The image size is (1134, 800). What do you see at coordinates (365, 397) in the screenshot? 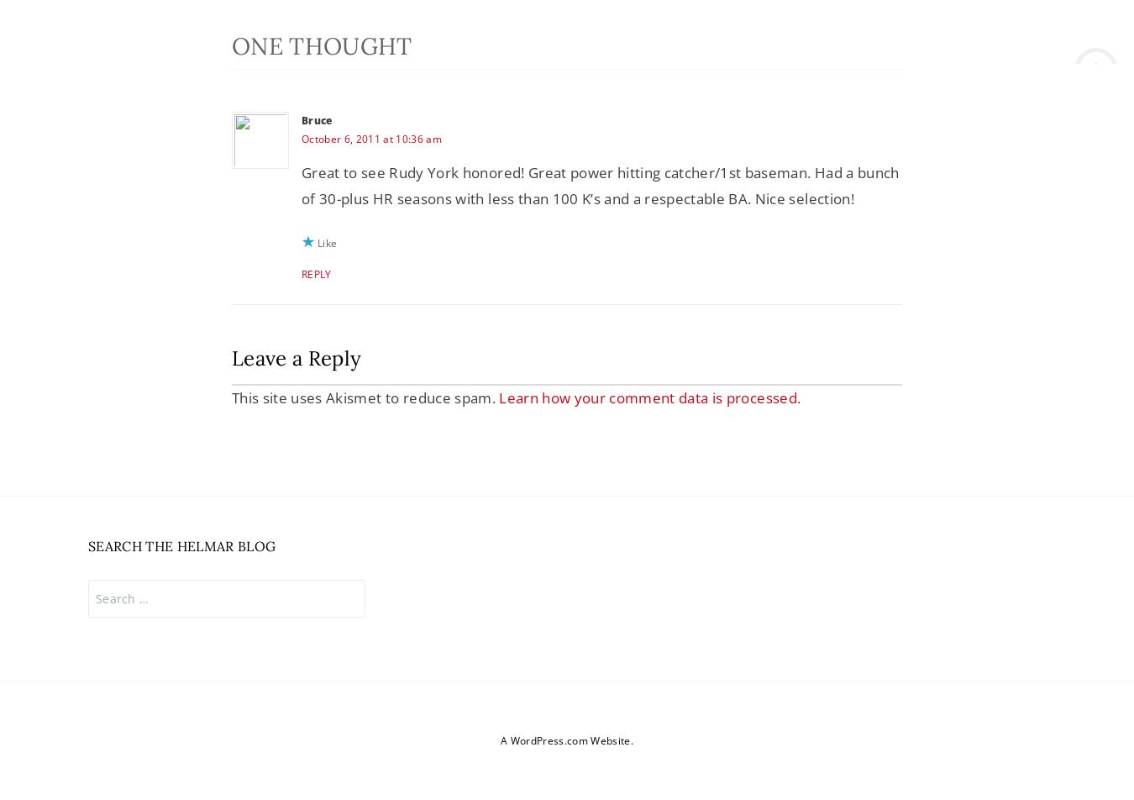
I see `'This site uses Akismet to reduce spam.'` at bounding box center [365, 397].